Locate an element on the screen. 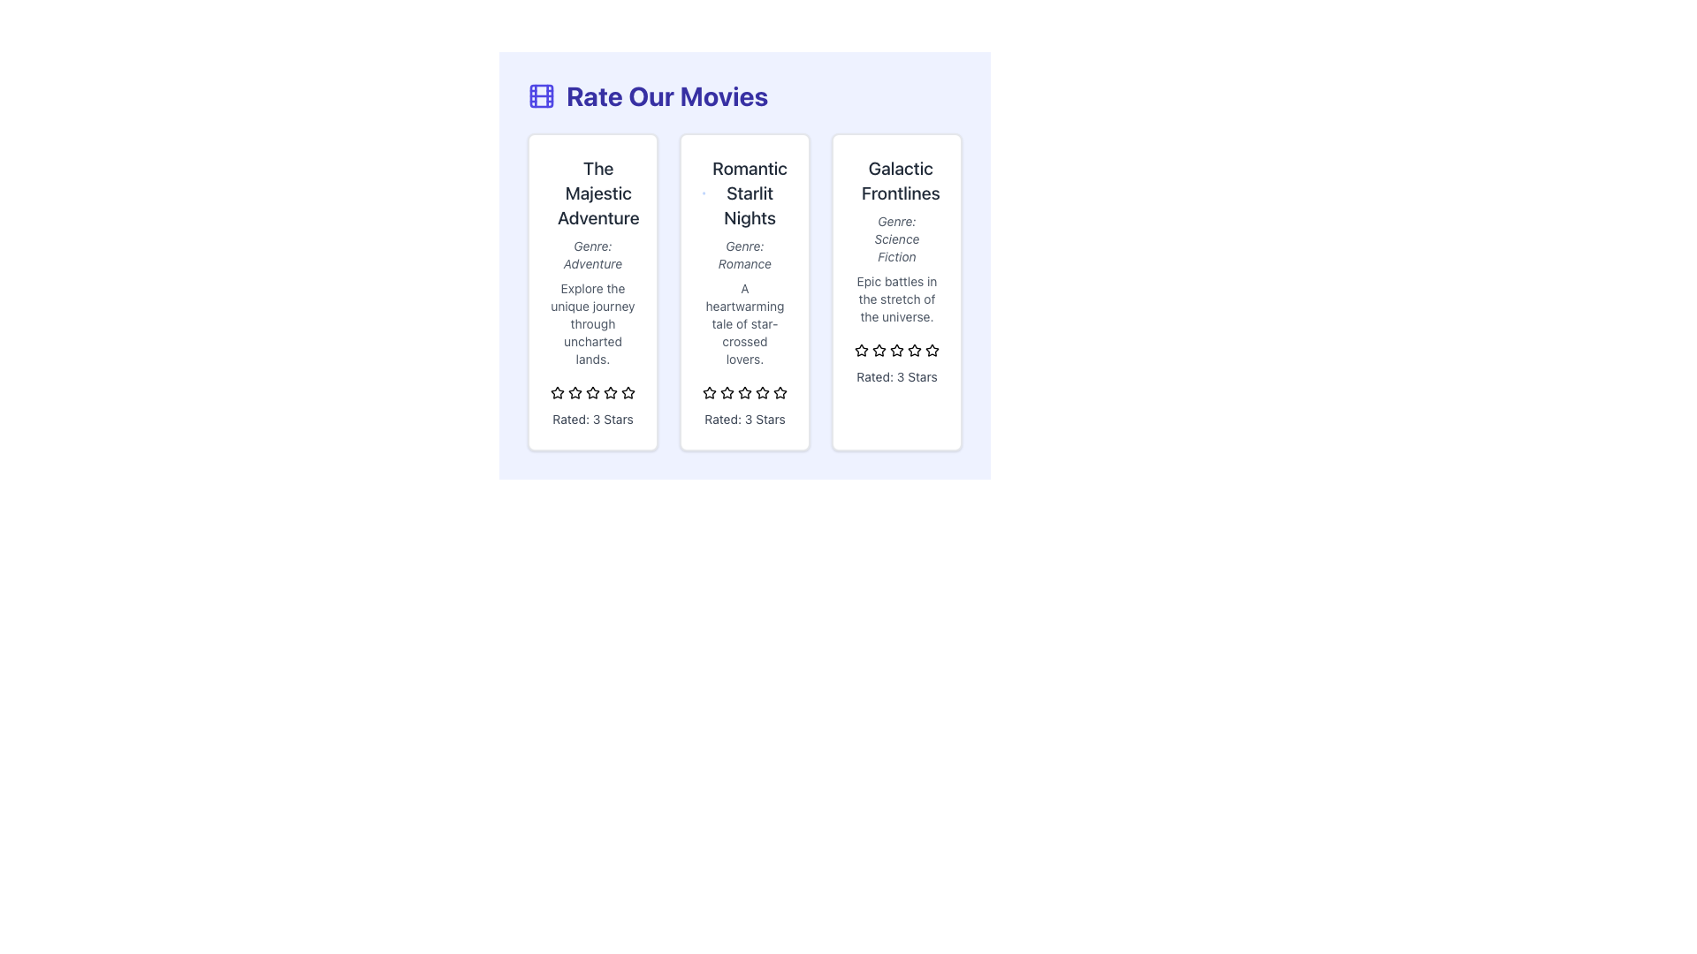 This screenshot has width=1697, height=954. the fourth star in the rating control under 'The Majestic Adventure' section is located at coordinates (593, 391).